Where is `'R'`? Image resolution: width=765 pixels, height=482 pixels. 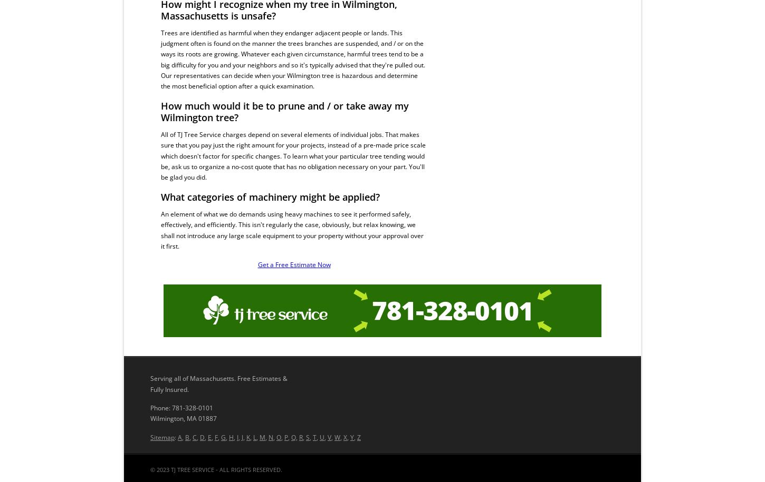
'R' is located at coordinates (301, 437).